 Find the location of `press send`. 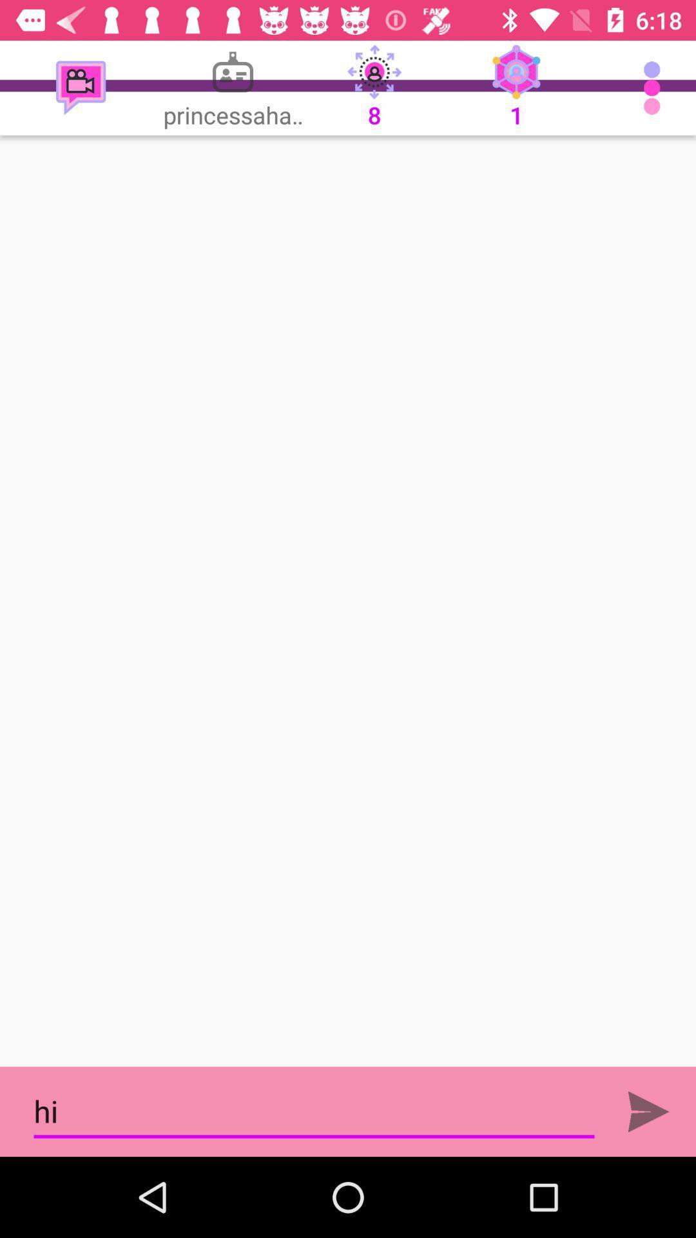

press send is located at coordinates (648, 1111).